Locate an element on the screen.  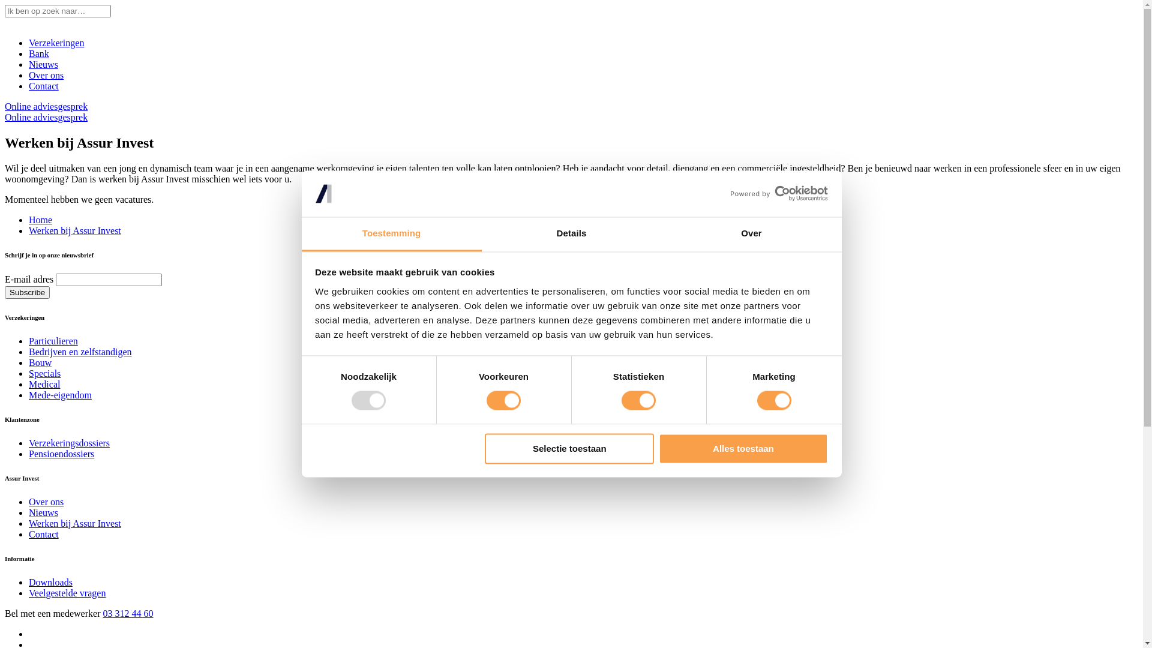
'Home' is located at coordinates (29, 220).